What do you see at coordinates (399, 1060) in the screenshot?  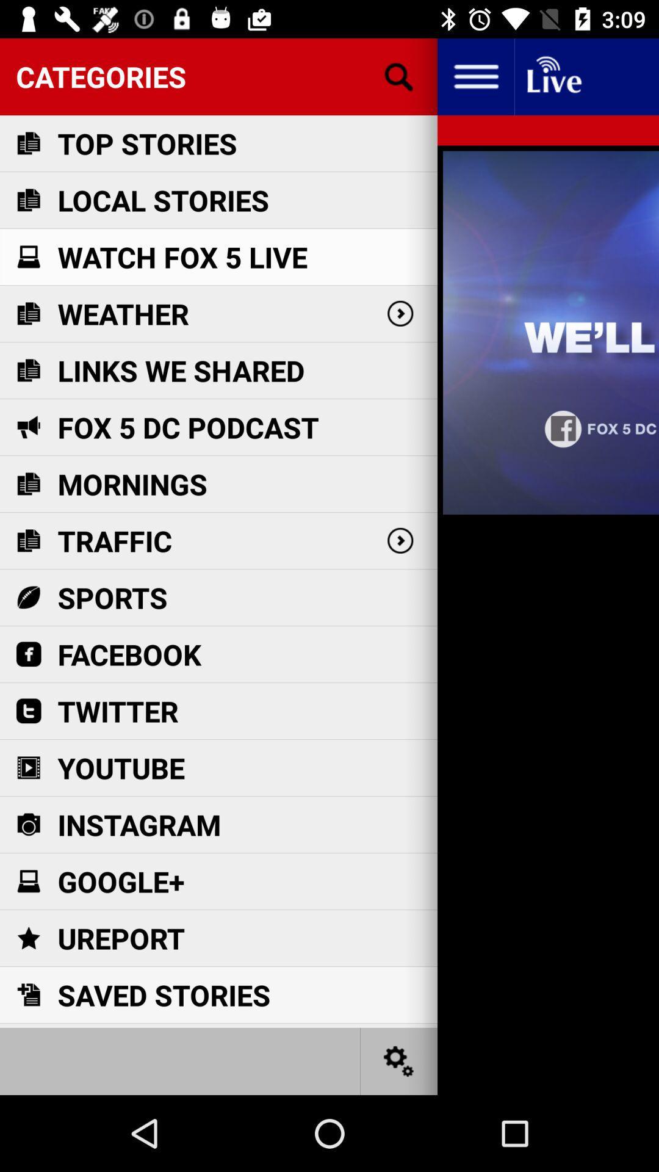 I see `the settings icon` at bounding box center [399, 1060].